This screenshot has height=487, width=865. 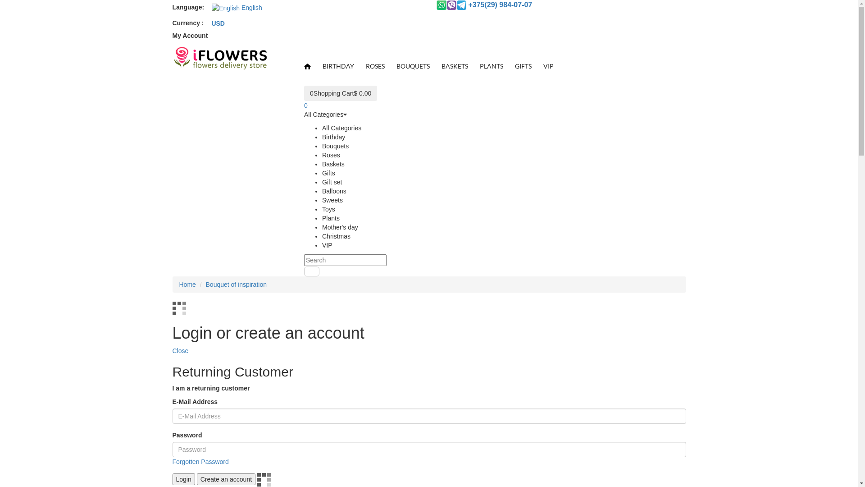 I want to click on 'USD', so click(x=218, y=23).